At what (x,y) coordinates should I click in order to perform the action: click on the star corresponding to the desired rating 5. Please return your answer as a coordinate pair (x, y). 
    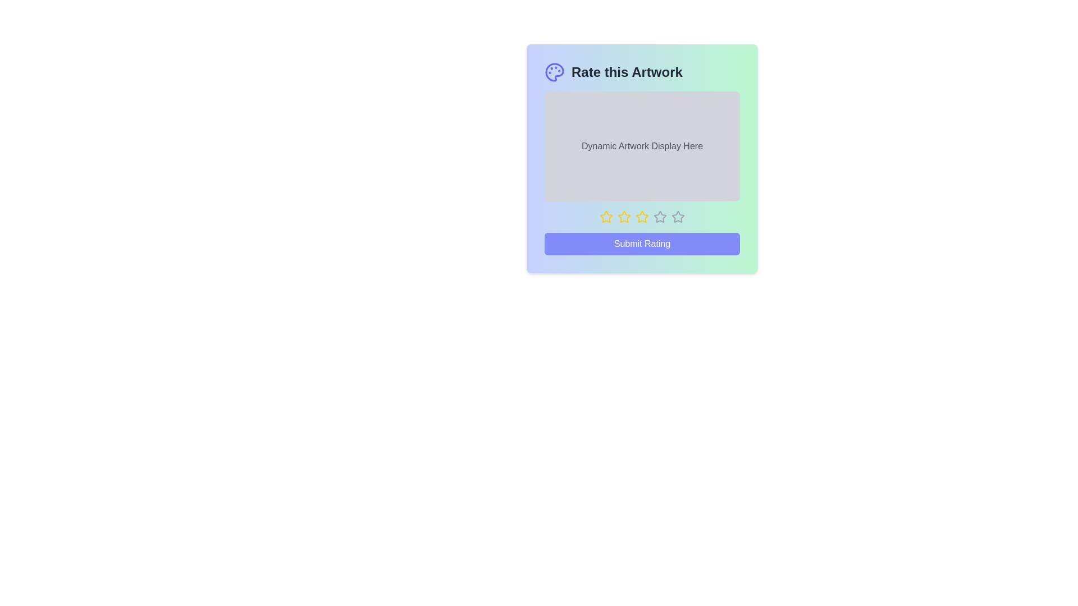
    Looking at the image, I should click on (678, 217).